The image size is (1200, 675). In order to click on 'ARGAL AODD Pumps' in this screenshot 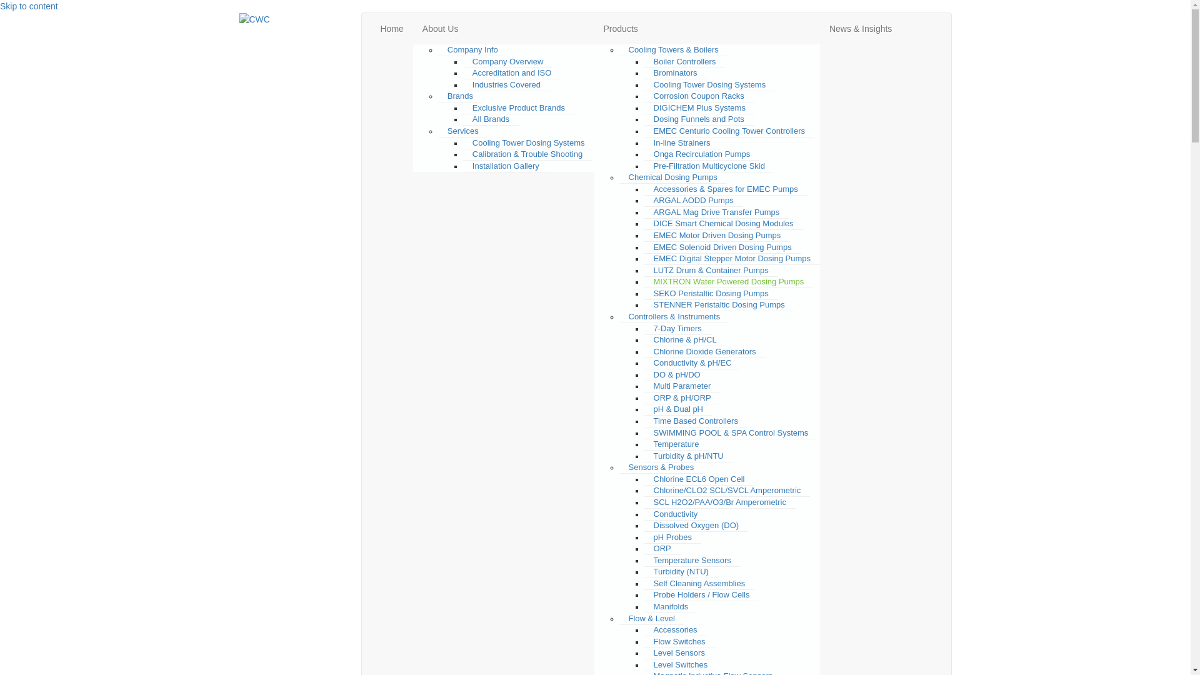, I will do `click(644, 199)`.